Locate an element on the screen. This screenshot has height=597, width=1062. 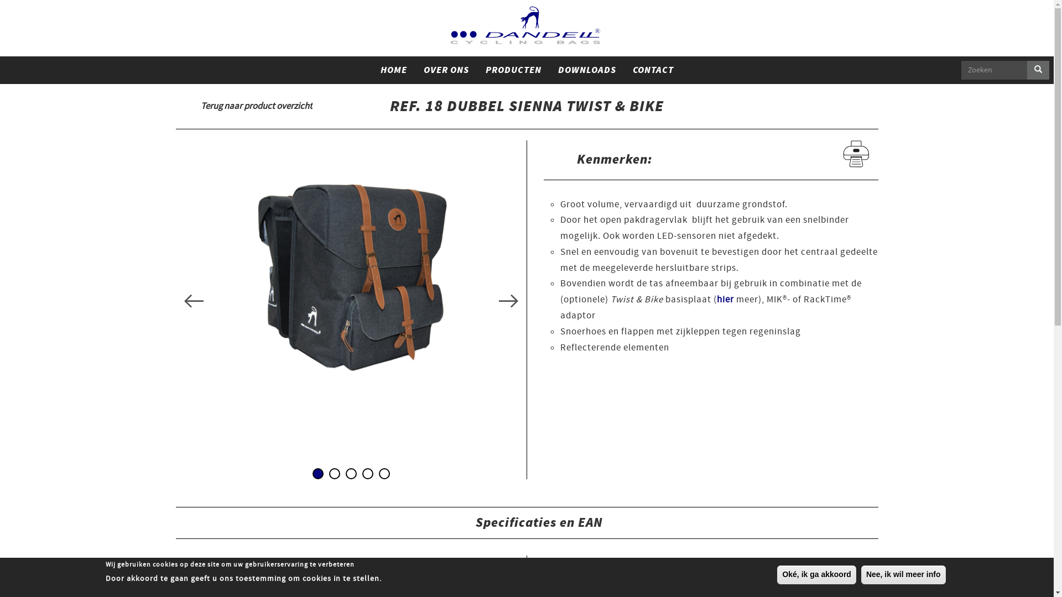
'1' is located at coordinates (317, 473).